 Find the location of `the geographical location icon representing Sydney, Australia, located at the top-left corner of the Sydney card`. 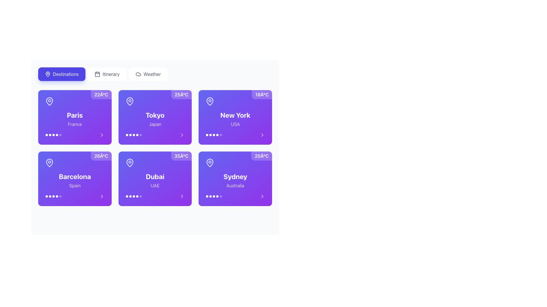

the geographical location icon representing Sydney, Australia, located at the top-left corner of the Sydney card is located at coordinates (210, 163).